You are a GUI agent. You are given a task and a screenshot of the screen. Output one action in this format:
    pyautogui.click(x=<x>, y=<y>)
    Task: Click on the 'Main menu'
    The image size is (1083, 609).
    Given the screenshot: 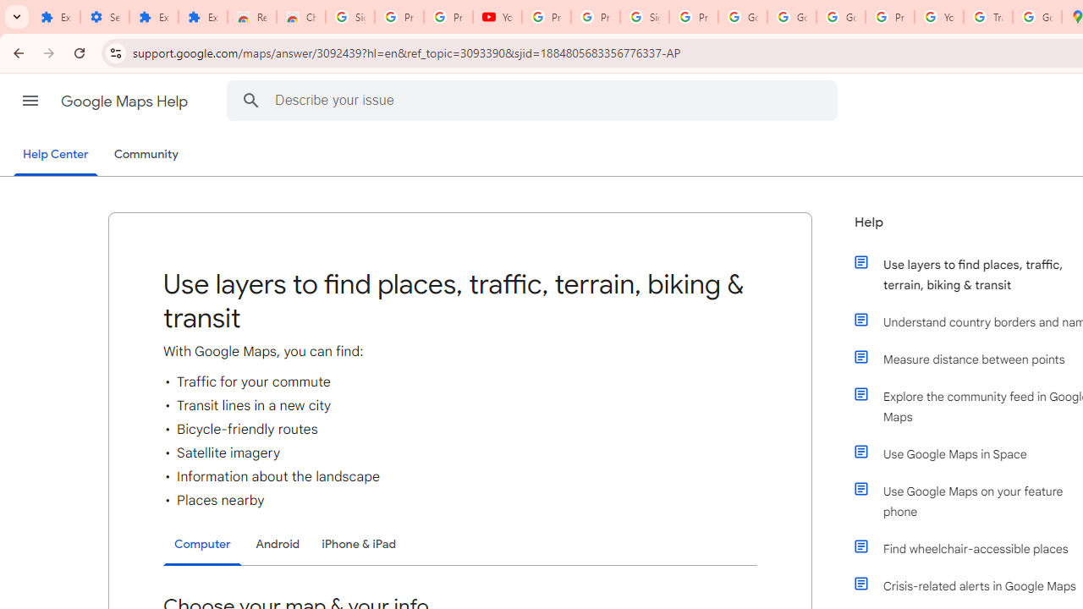 What is the action you would take?
    pyautogui.click(x=30, y=101)
    